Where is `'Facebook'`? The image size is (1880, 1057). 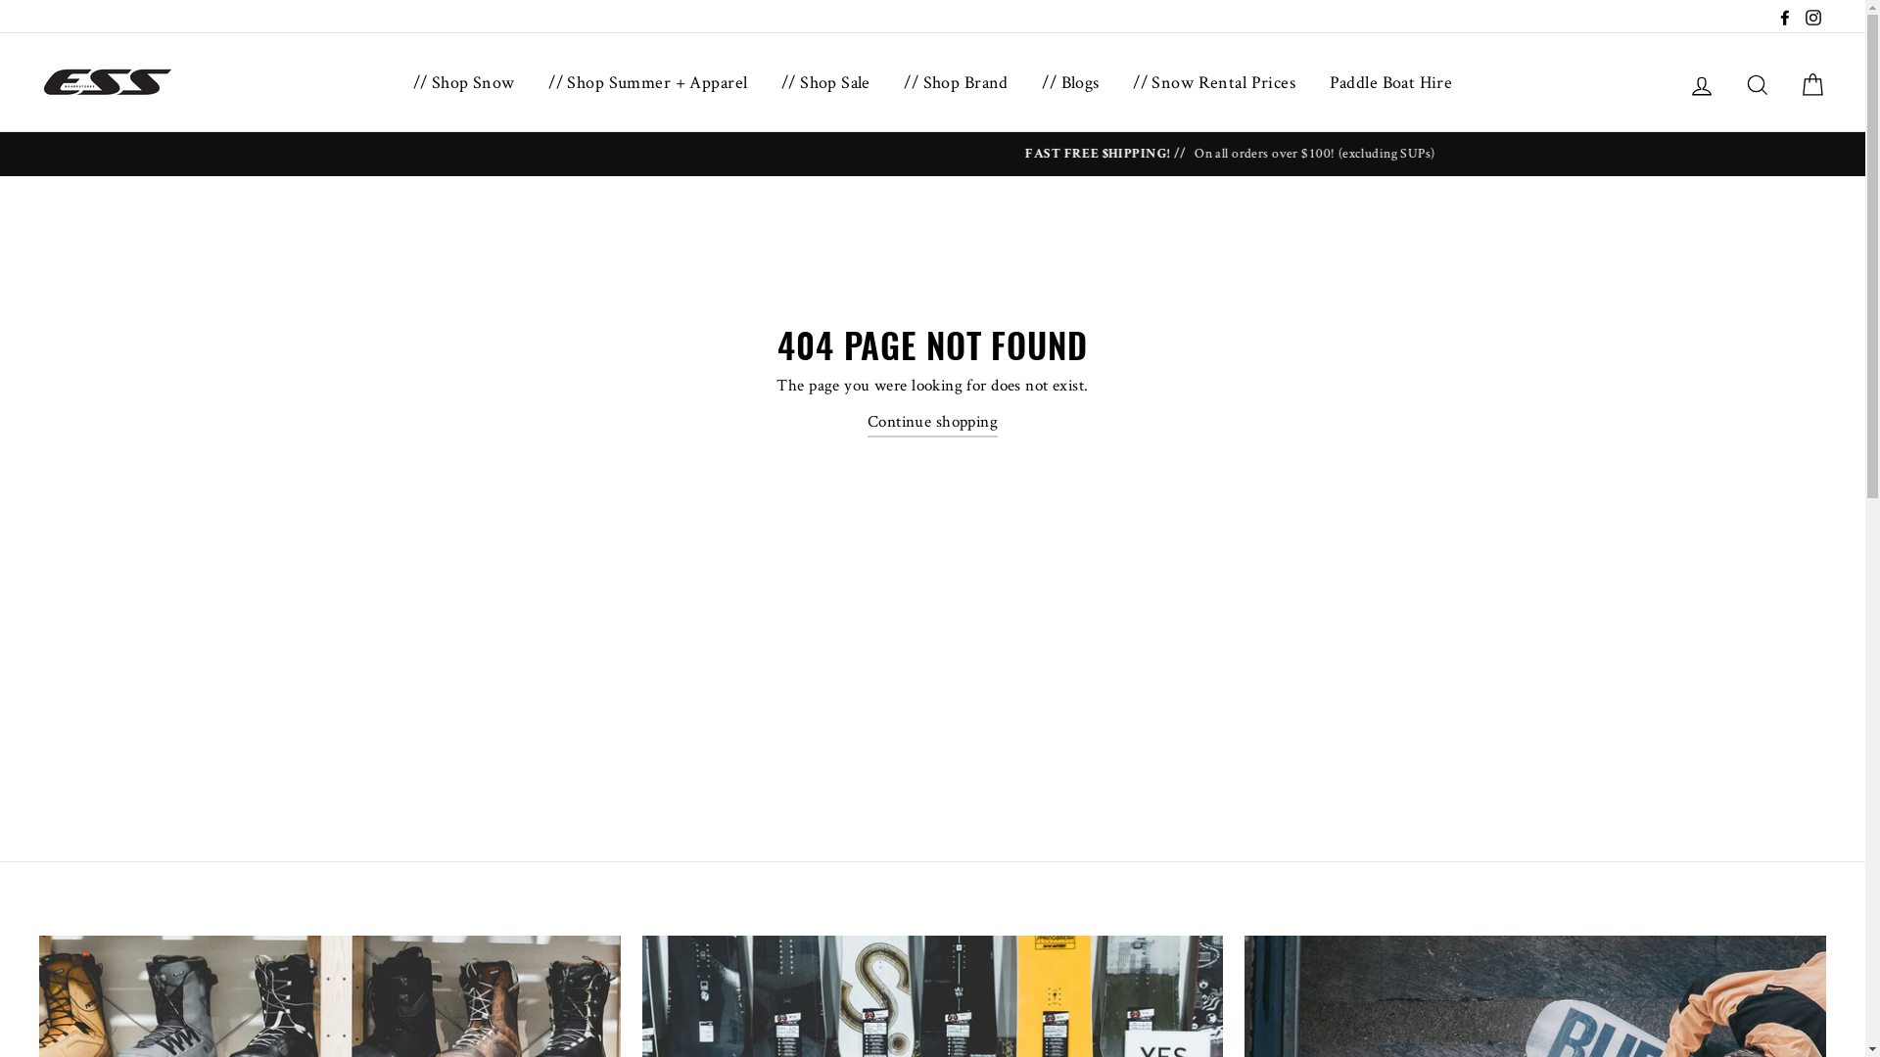
'Facebook' is located at coordinates (1785, 16).